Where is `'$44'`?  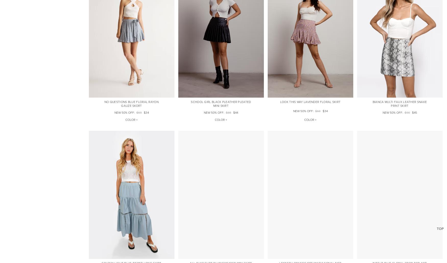
'$44' is located at coordinates (233, 112).